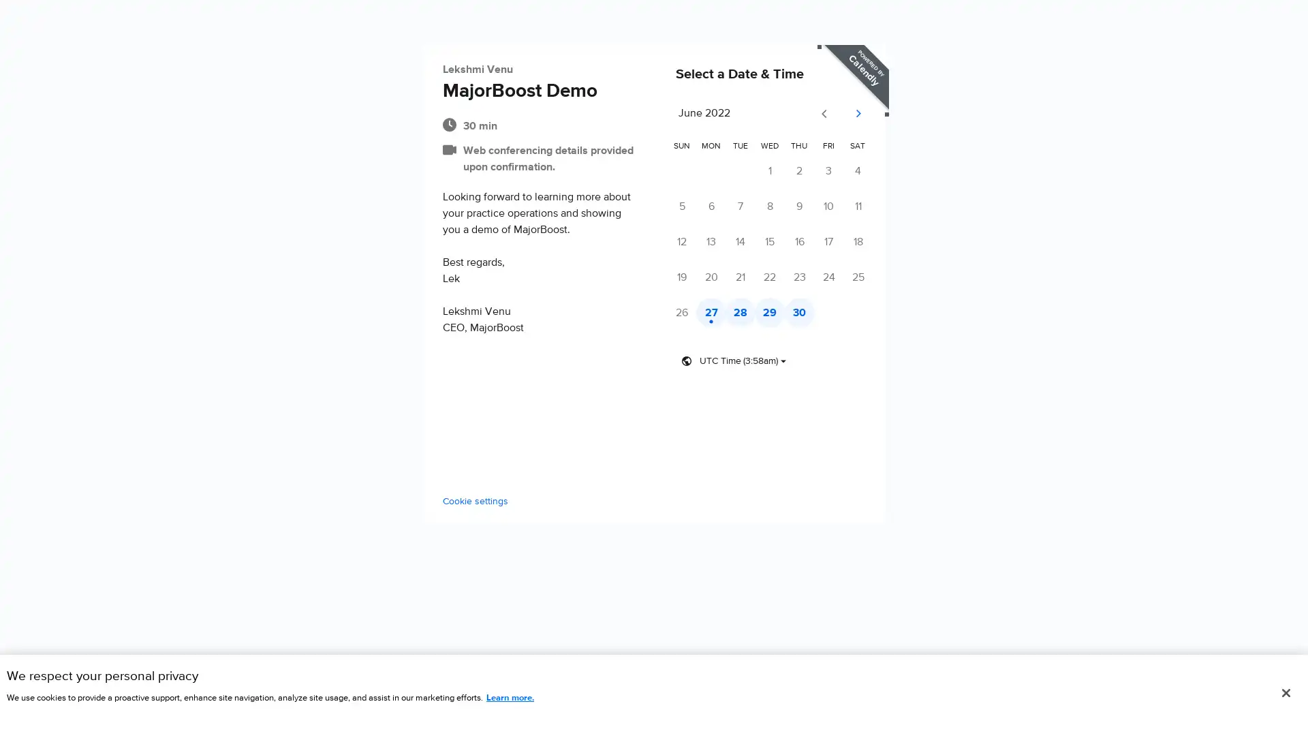  Describe the element at coordinates (789, 207) in the screenshot. I see `Wednesday, June 8 - No times available` at that location.